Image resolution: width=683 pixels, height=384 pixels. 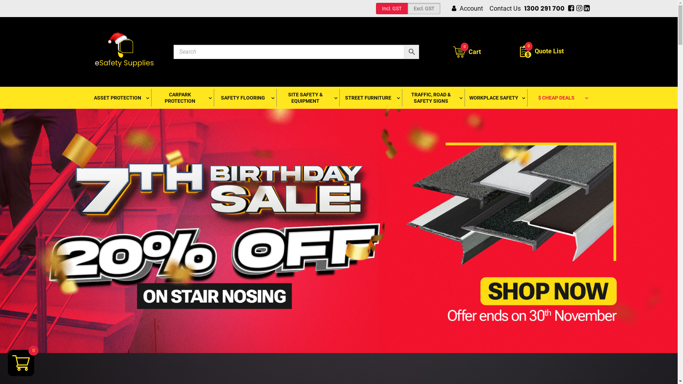 I want to click on '1300 291 700', so click(x=544, y=8).